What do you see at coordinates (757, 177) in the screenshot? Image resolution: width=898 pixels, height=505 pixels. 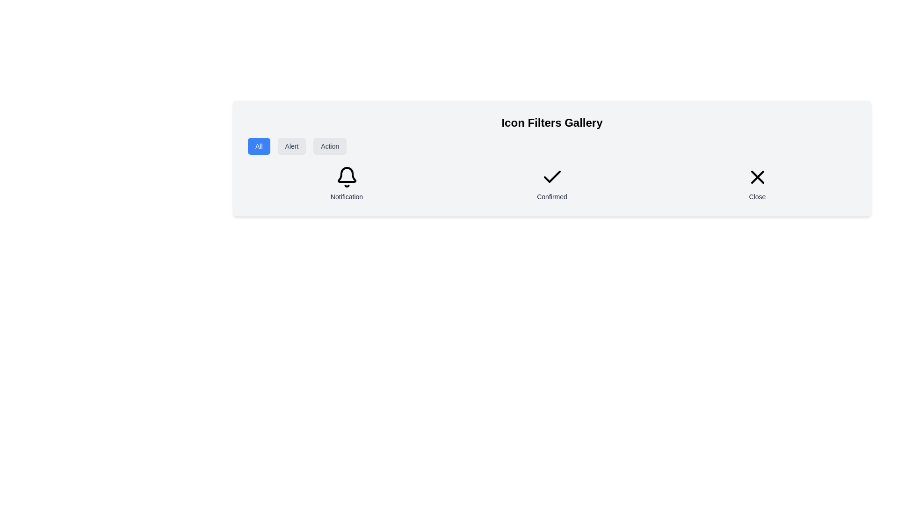 I see `the black close icon, which consists of two intersecting lines forming an 'X' symbol, located in the top-right of the card area` at bounding box center [757, 177].